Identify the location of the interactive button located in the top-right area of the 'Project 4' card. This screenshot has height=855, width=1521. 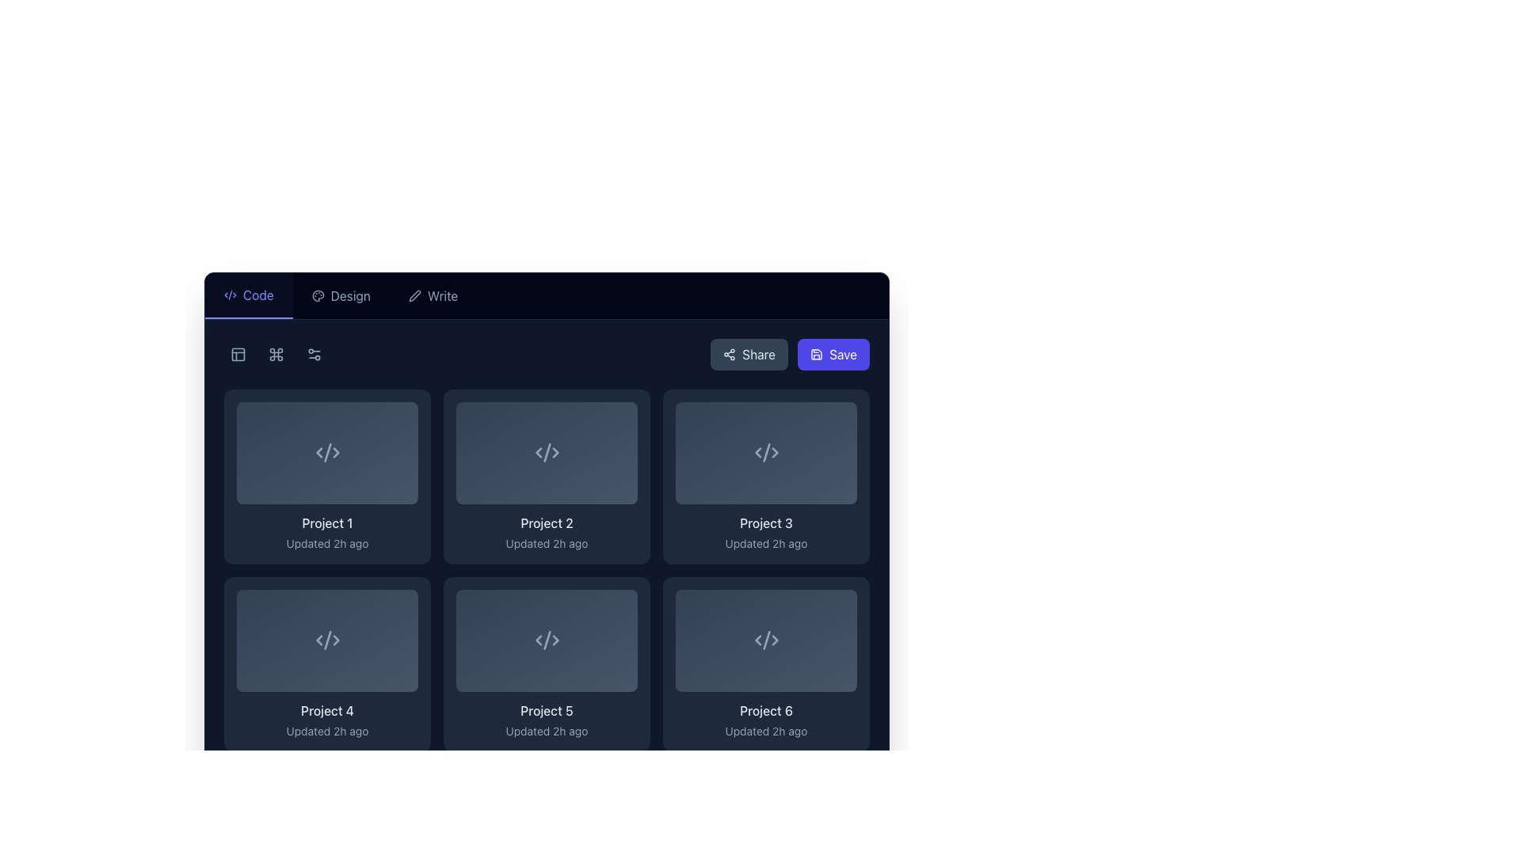
(414, 592).